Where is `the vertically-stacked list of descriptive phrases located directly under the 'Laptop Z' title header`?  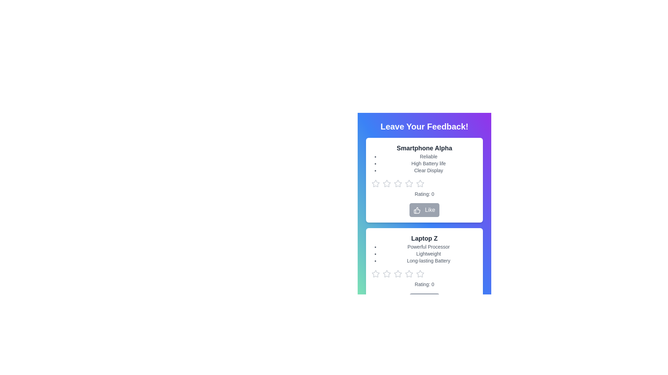
the vertically-stacked list of descriptive phrases located directly under the 'Laptop Z' title header is located at coordinates (428, 254).